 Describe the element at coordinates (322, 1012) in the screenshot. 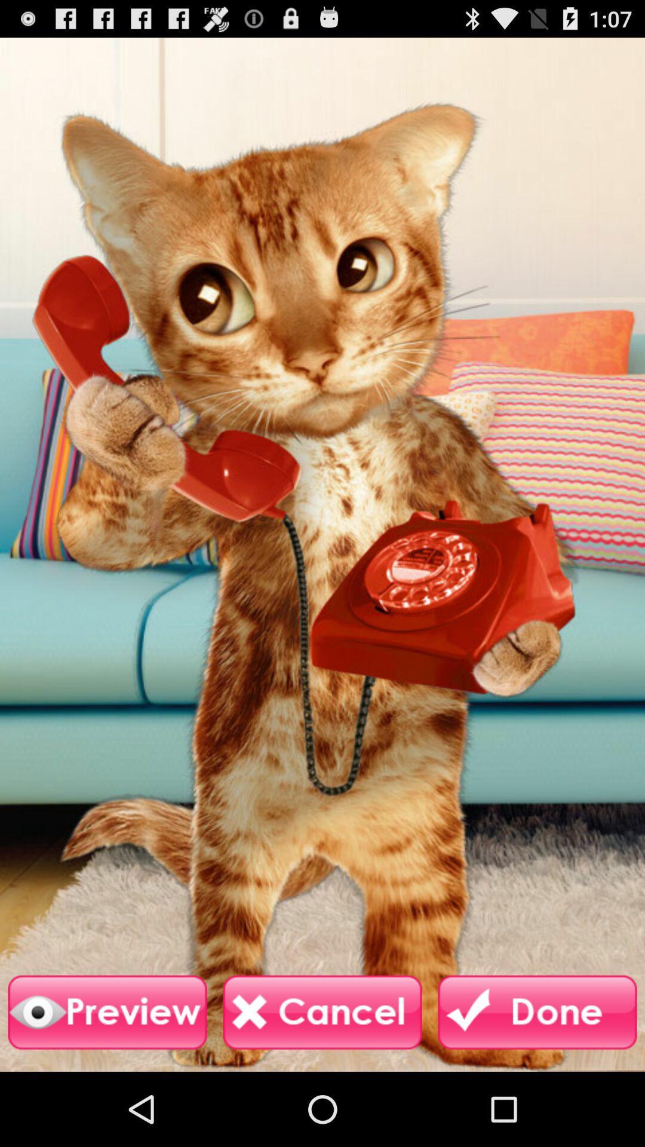

I see `cancel` at that location.